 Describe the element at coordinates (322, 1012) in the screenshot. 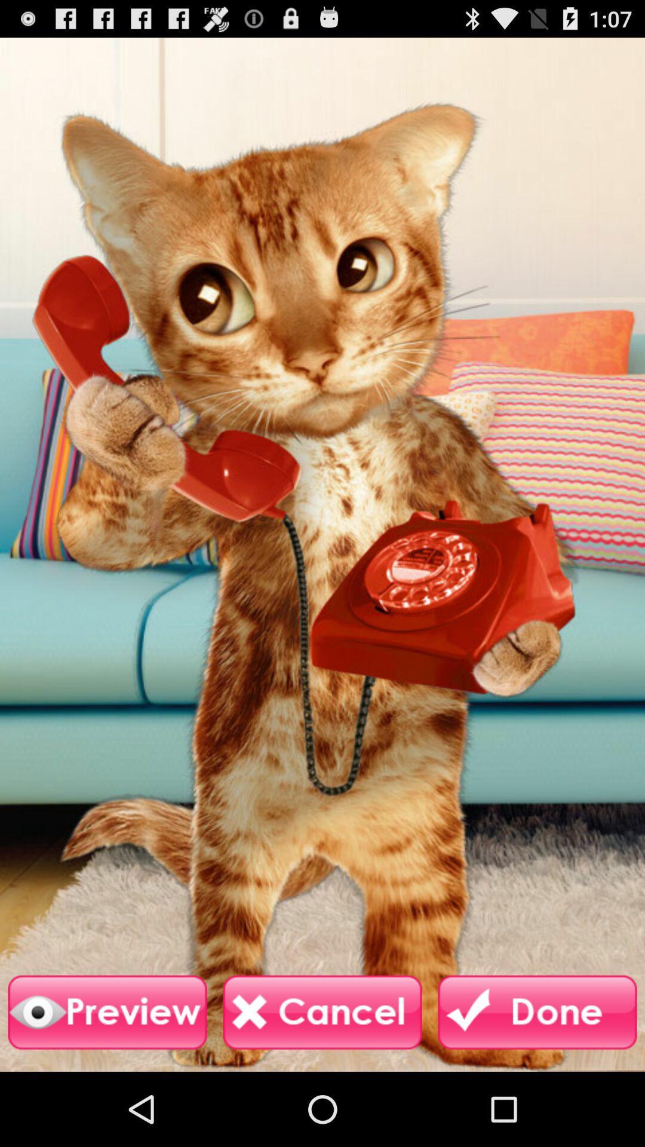

I see `cancel` at that location.